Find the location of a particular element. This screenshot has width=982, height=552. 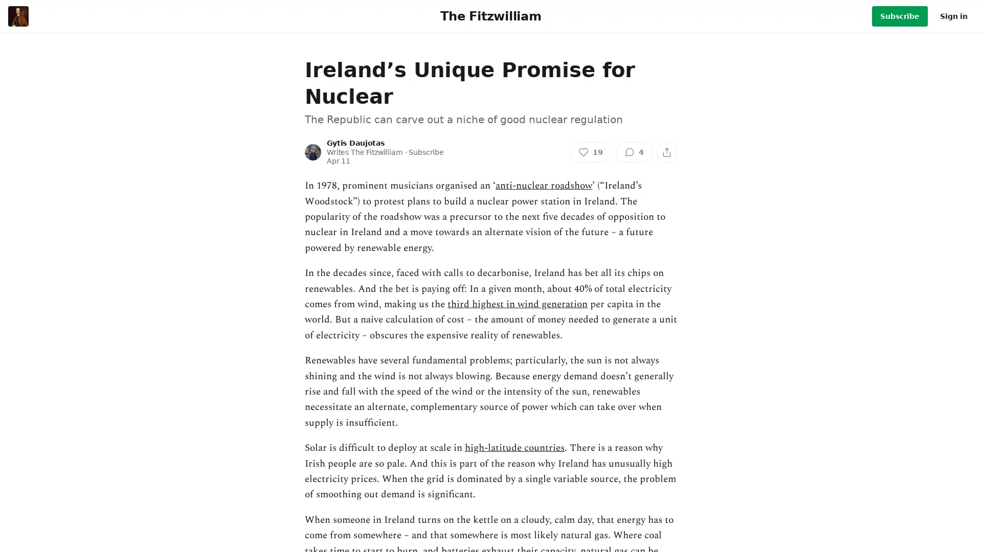

Sign in is located at coordinates (953, 16).